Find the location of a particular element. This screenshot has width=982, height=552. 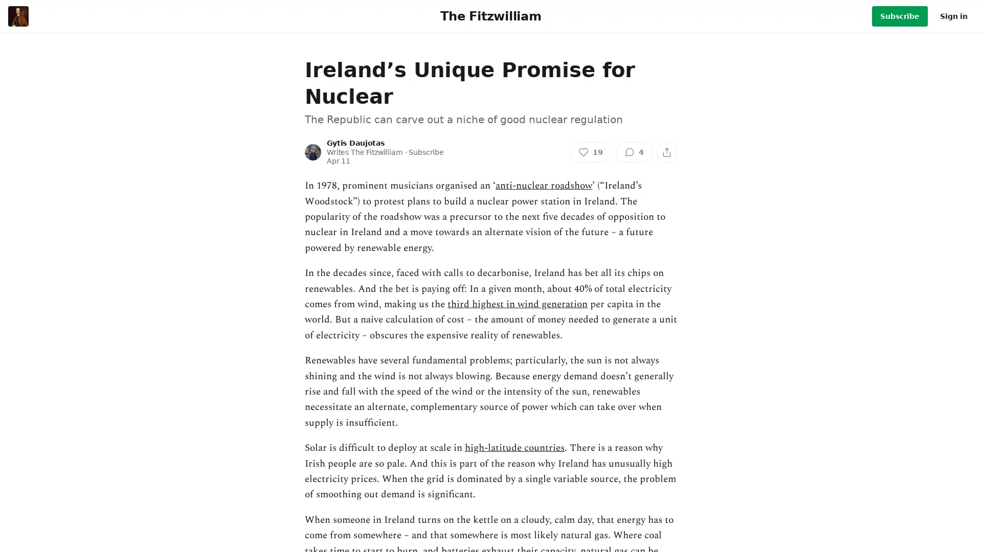

Sign in is located at coordinates (953, 16).